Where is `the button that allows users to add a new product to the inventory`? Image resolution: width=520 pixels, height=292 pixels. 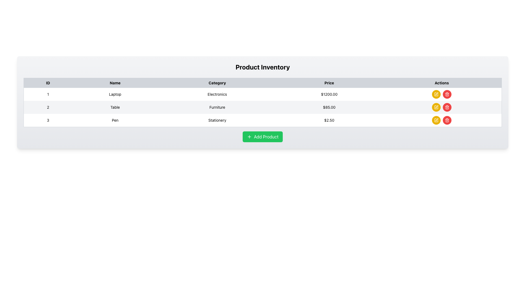
the button that allows users to add a new product to the inventory is located at coordinates (262, 136).